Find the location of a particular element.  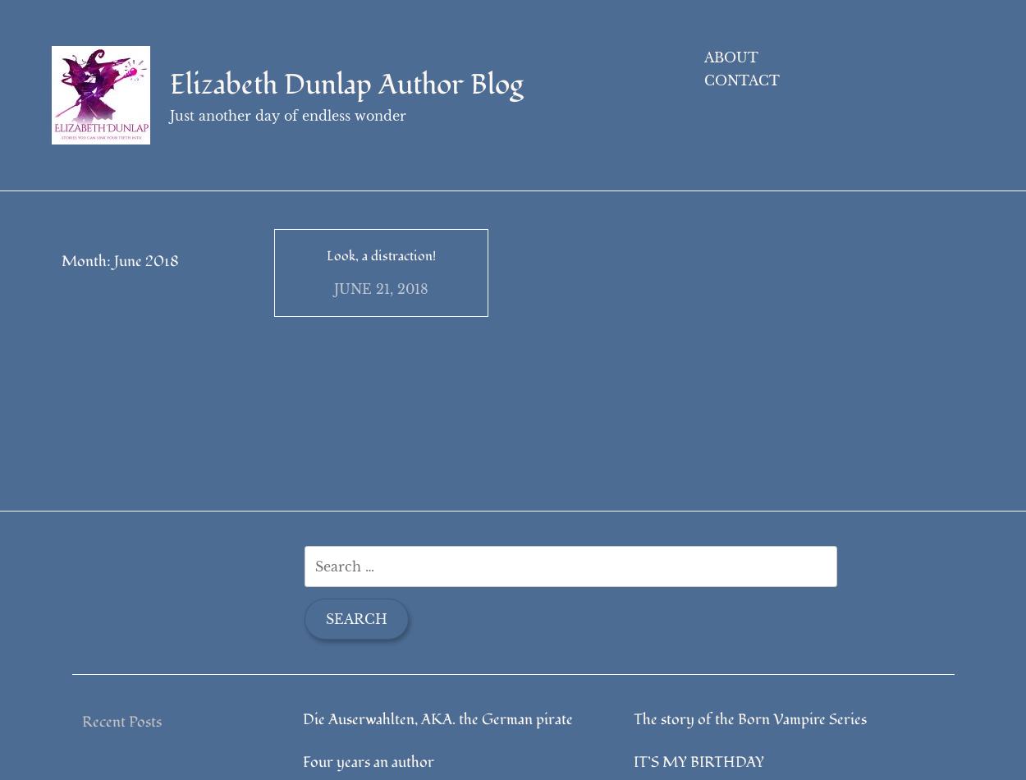

'Elizabeth Dunlap Author Blog' is located at coordinates (168, 84).